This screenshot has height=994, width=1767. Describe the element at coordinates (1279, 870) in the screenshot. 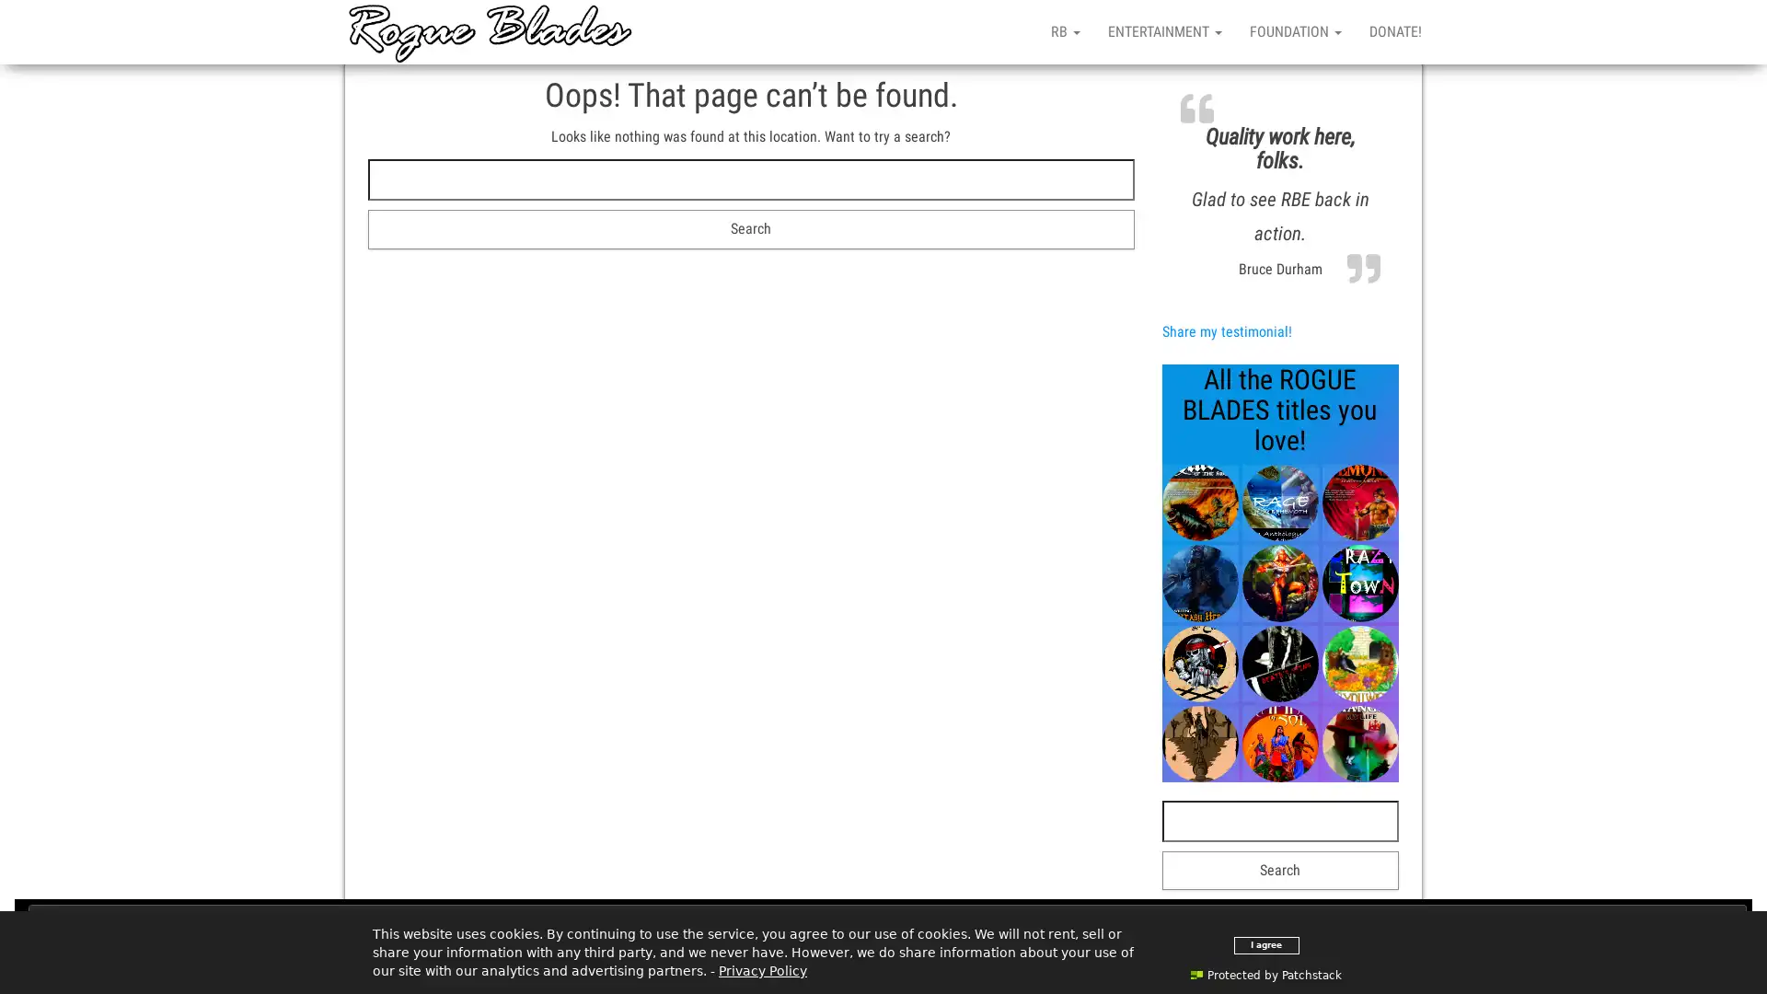

I see `Search` at that location.